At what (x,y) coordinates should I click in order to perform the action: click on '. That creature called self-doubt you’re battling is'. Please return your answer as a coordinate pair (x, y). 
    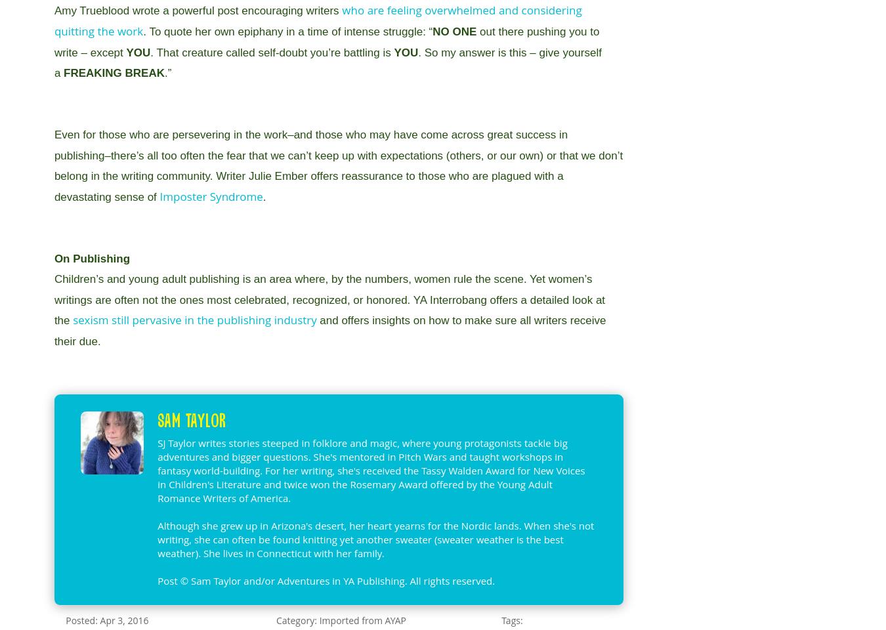
    Looking at the image, I should click on (149, 52).